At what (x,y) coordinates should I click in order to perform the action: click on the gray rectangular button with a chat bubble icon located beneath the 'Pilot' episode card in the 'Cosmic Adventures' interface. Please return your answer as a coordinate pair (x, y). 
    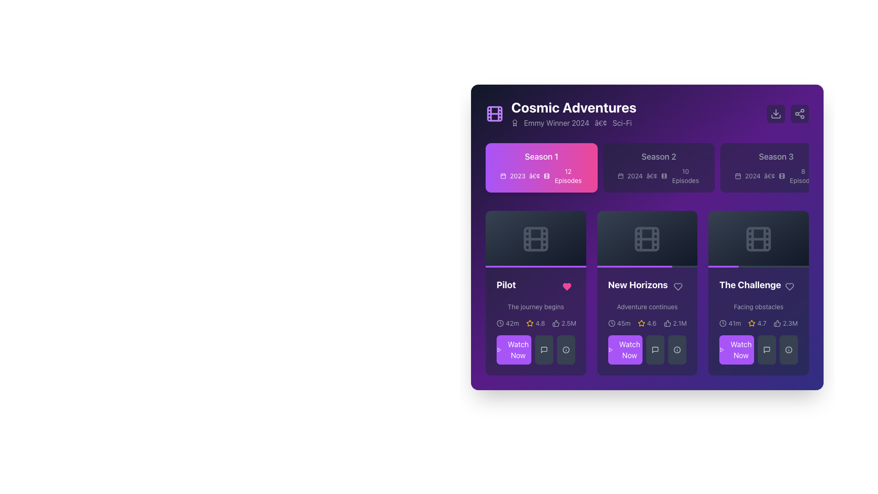
    Looking at the image, I should click on (544, 349).